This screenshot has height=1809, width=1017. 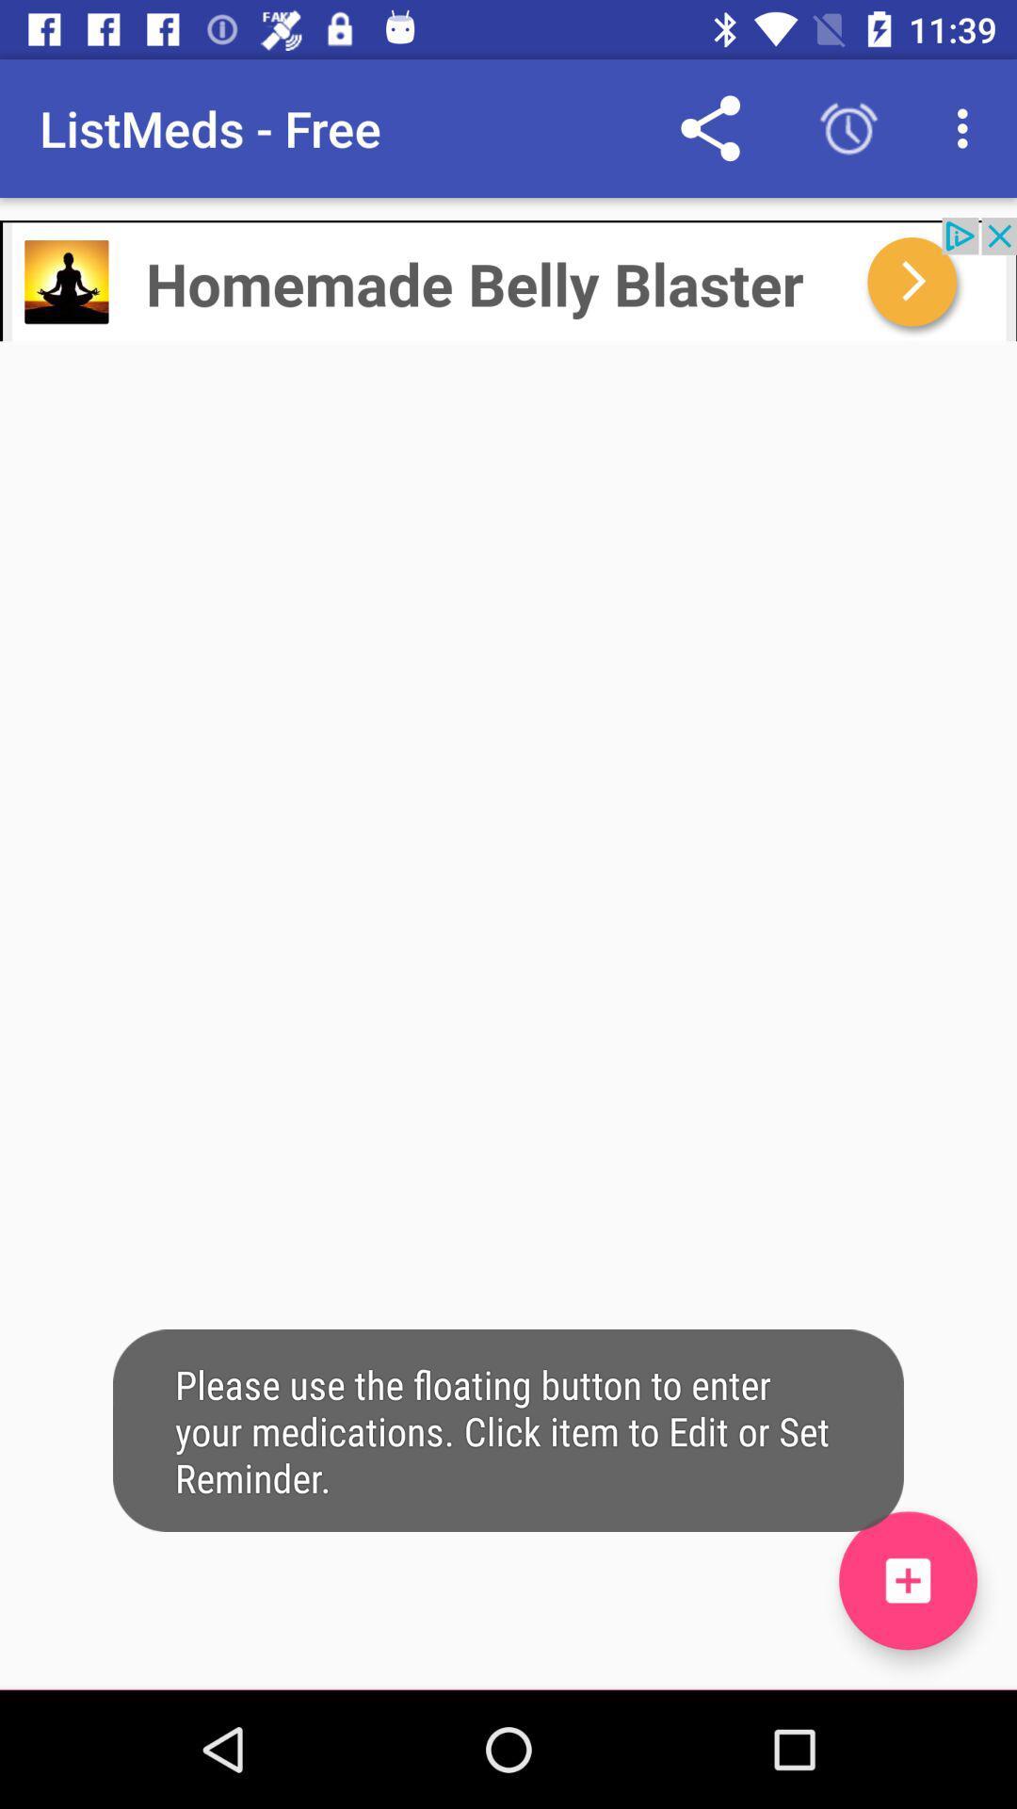 I want to click on click advertisement, so click(x=508, y=278).